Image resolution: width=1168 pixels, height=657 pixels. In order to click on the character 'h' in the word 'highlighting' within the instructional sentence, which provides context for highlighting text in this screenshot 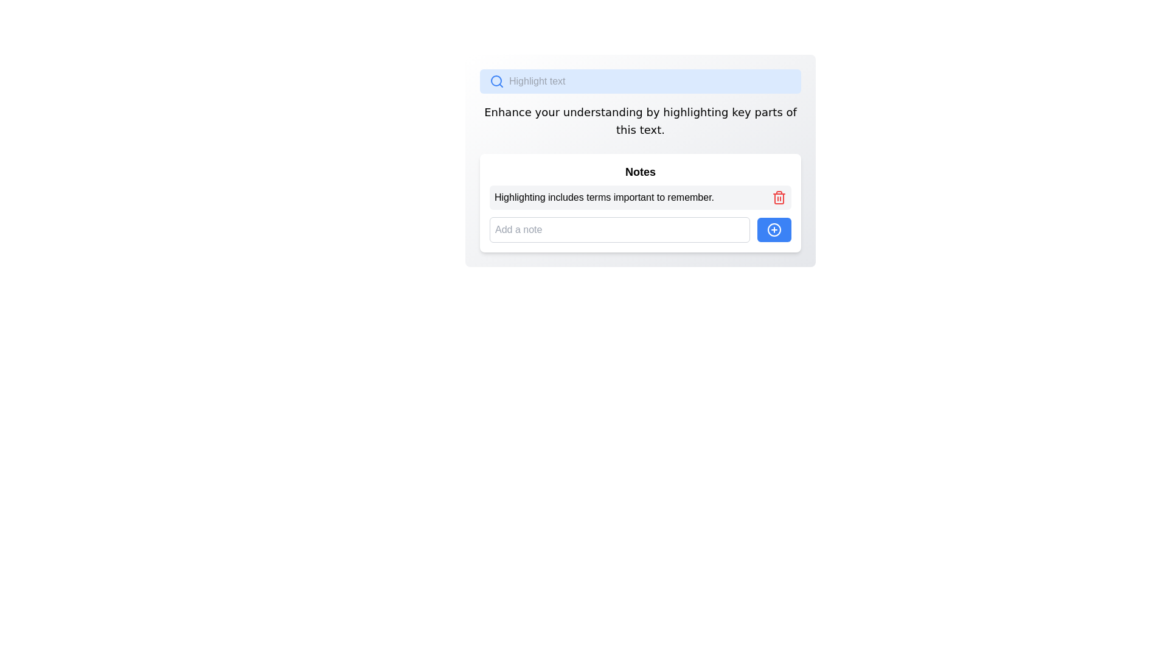, I will do `click(666, 112)`.